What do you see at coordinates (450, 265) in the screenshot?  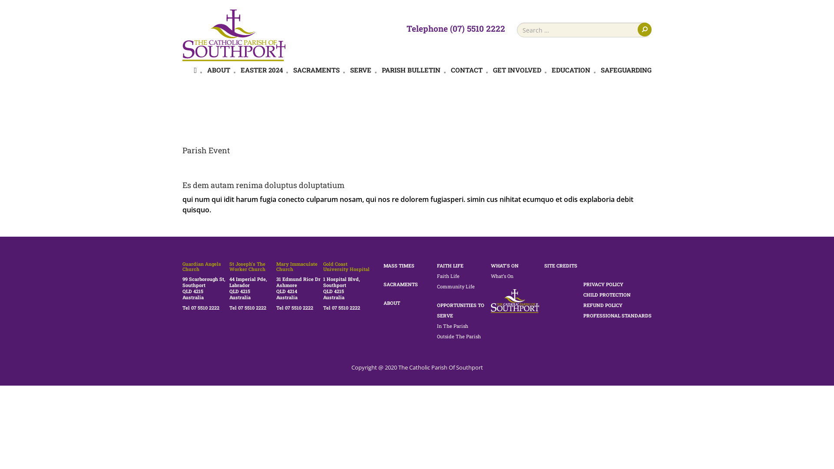 I see `'FAITH LIFE'` at bounding box center [450, 265].